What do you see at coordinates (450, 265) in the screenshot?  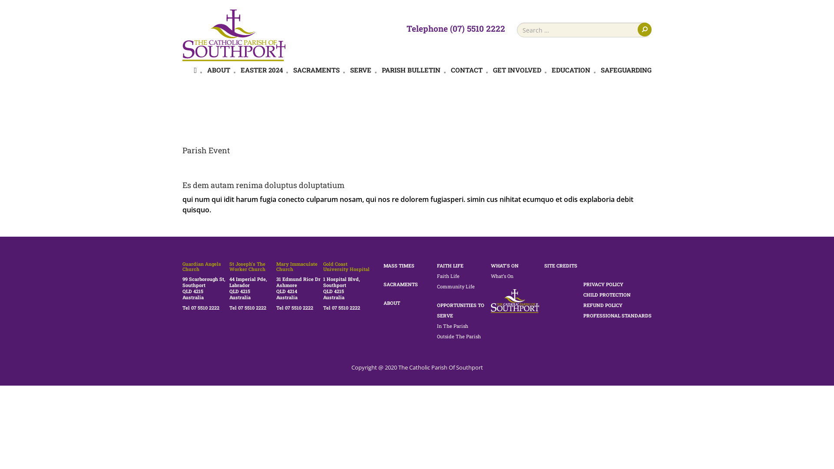 I see `'FAITH LIFE'` at bounding box center [450, 265].